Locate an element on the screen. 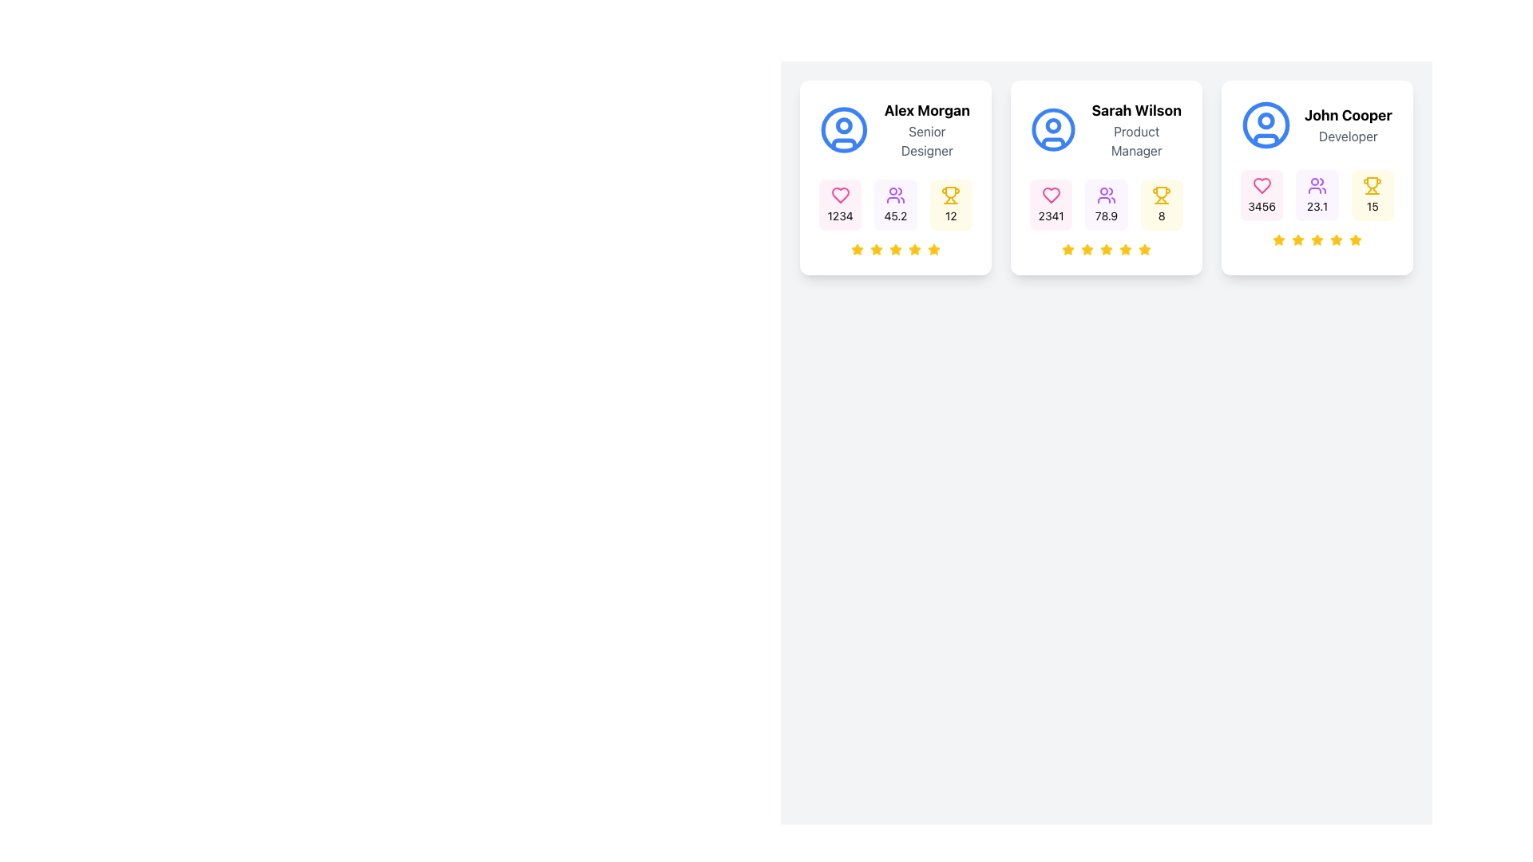 This screenshot has height=862, width=1533. the first yellow star icon in the rating system under the user card for 'Sarah Wilson' is located at coordinates (1068, 249).